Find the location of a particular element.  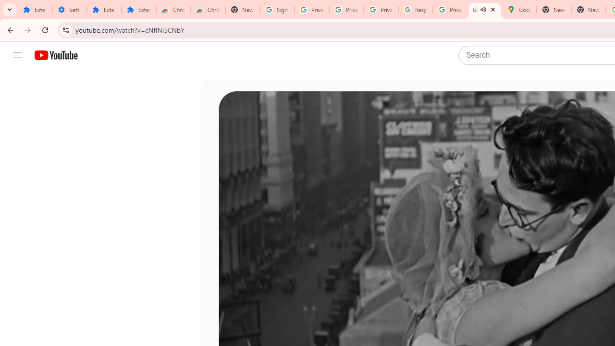

'Chrome Web Store - Themes' is located at coordinates (207, 10).